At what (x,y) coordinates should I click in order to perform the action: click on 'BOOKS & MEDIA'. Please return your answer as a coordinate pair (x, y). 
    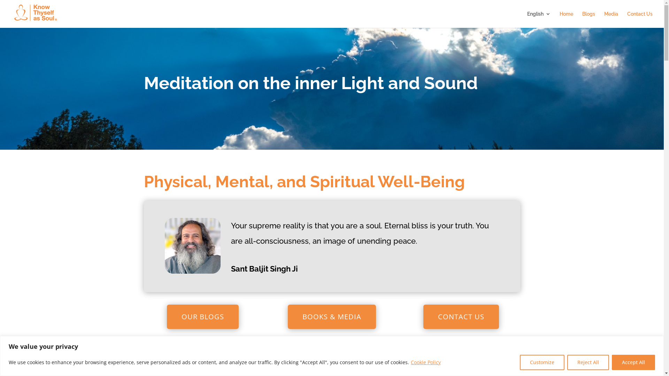
    Looking at the image, I should click on (331, 317).